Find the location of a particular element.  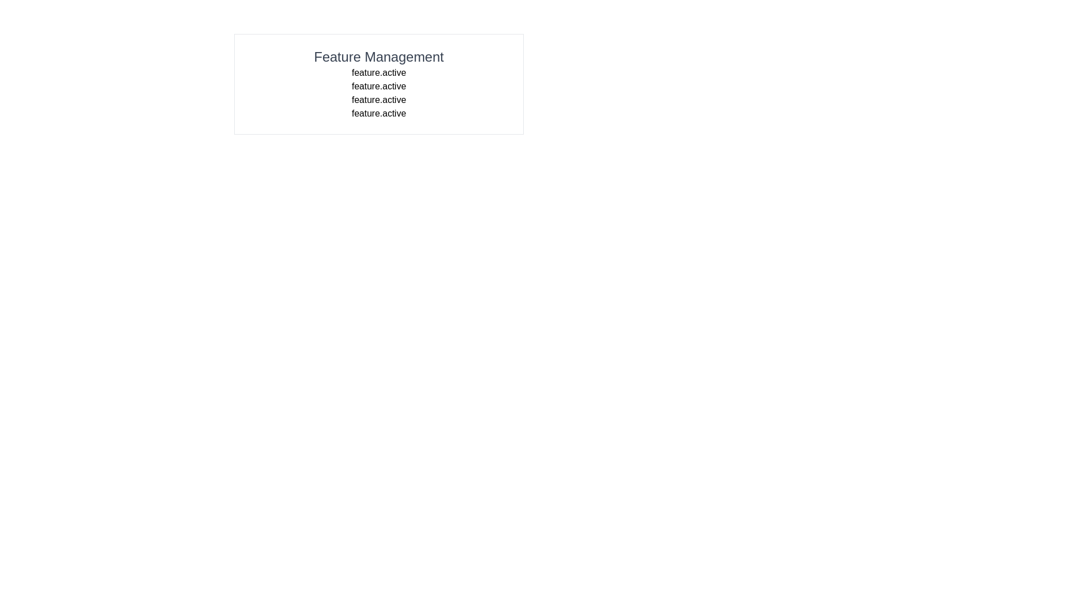

the Text Display Element displaying 'feature.active', which is positioned underneath the 'Feature Management' header and is the first in a vertical stack of similar elements is located at coordinates (379, 72).